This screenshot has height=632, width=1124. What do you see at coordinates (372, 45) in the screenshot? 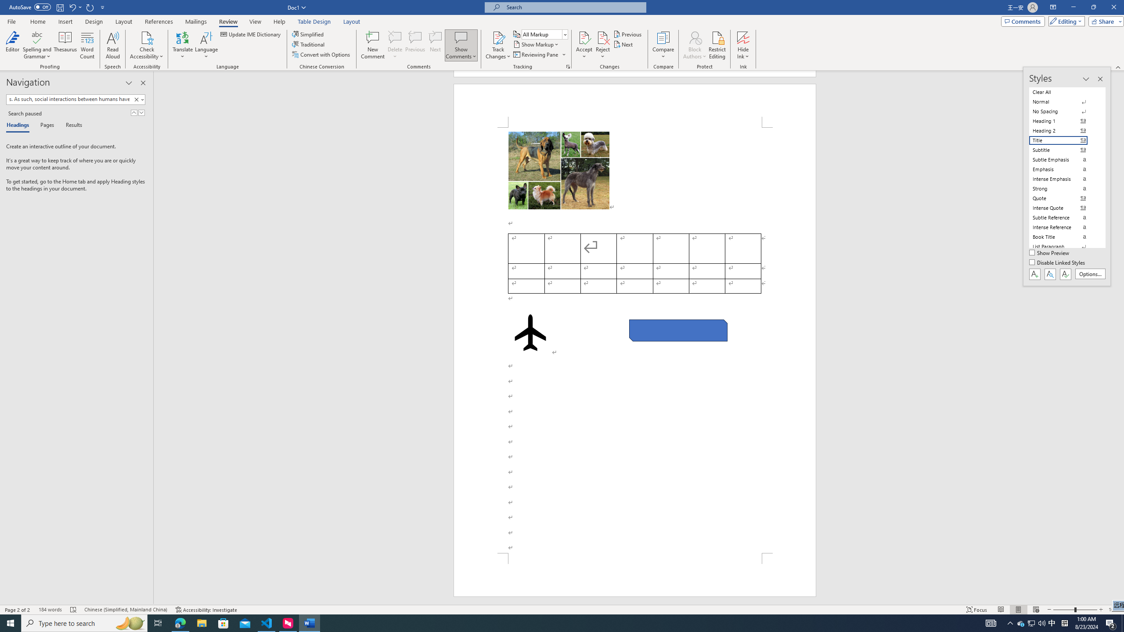
I see `'New Comment'` at bounding box center [372, 45].